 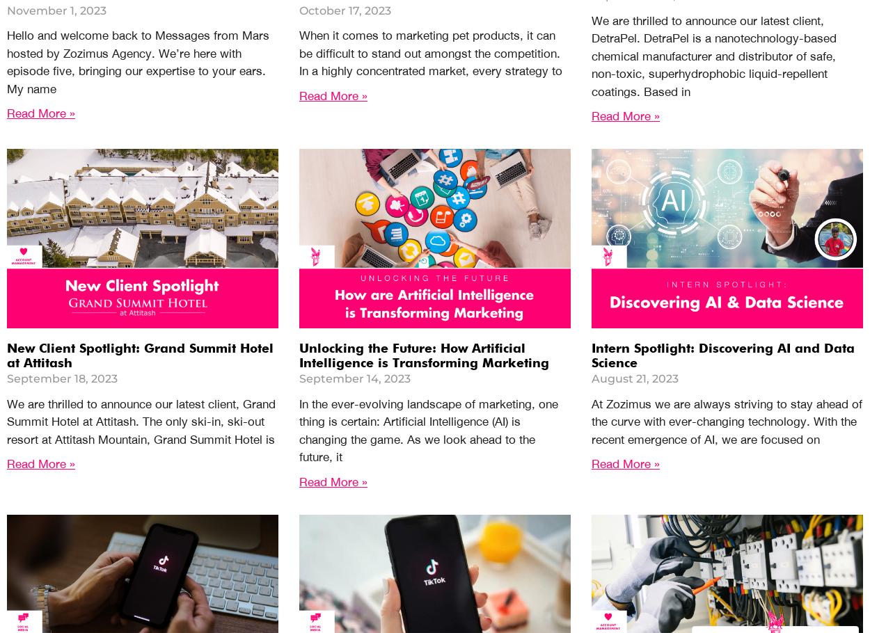 What do you see at coordinates (723, 355) in the screenshot?
I see `'Intern Spotlight: Discovering AI and Data Science'` at bounding box center [723, 355].